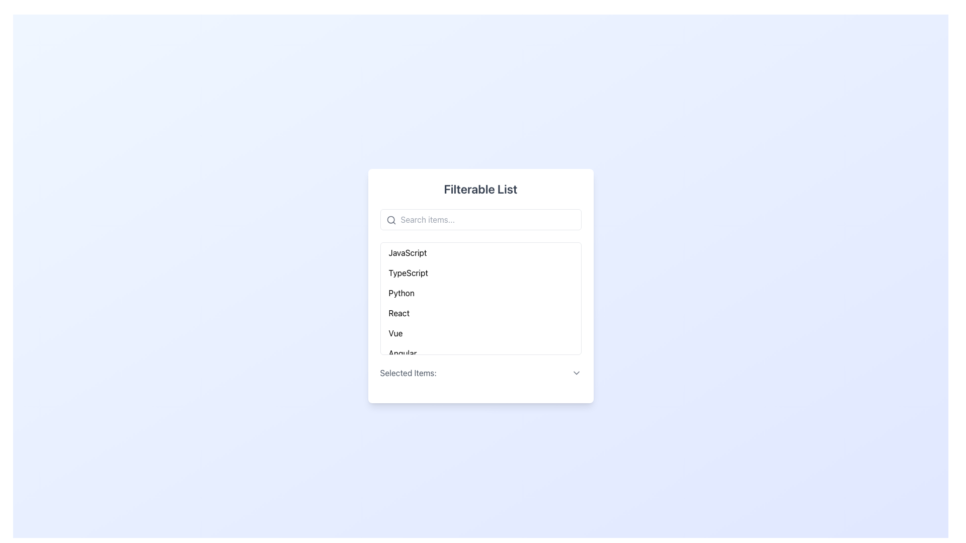 This screenshot has height=543, width=966. Describe the element at coordinates (480, 333) in the screenshot. I see `the fifth list item displaying 'Vue' in a vertically stacked list of selectable items` at that location.